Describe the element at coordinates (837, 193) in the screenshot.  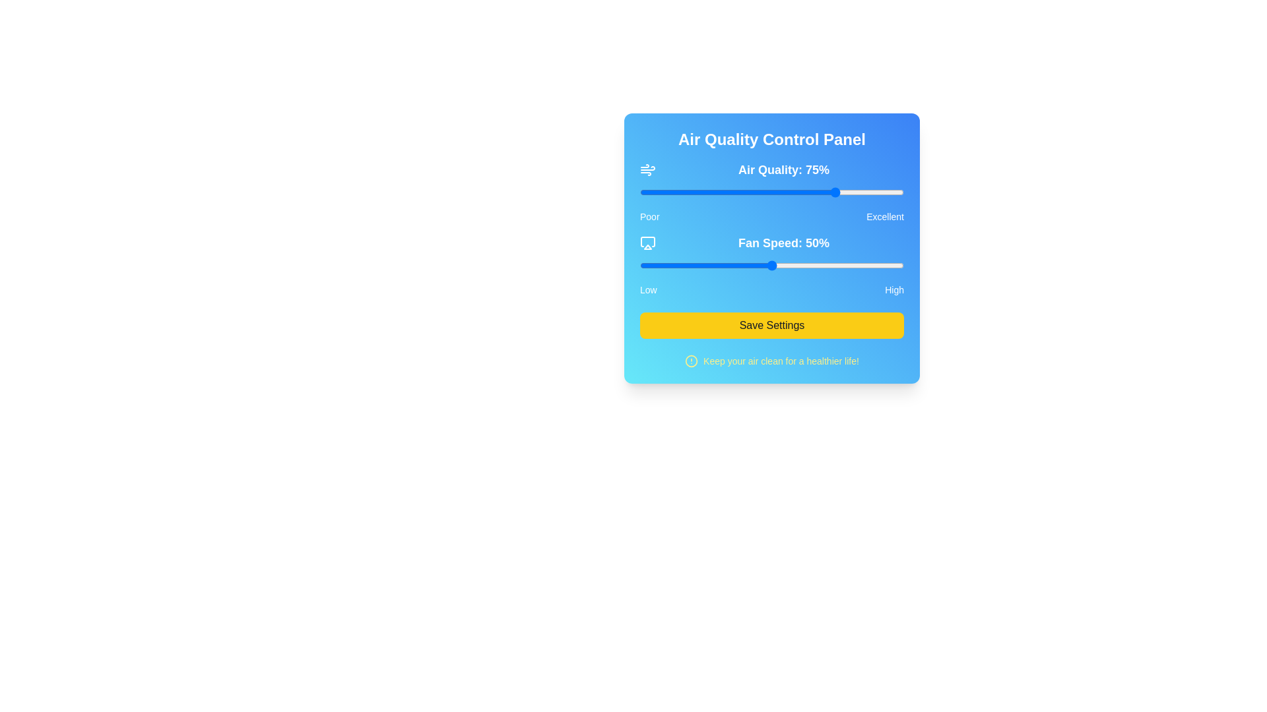
I see `air quality` at that location.